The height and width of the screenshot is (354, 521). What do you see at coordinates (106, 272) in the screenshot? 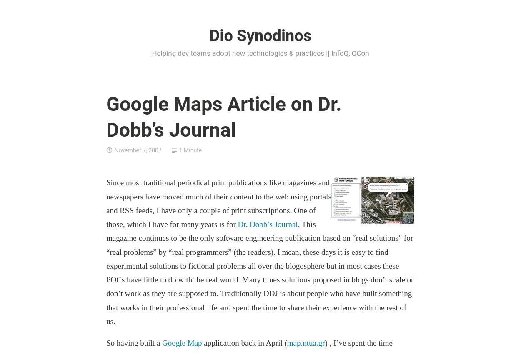
I see `'. This magazine continues to be the only software engineering publication based on “real solutions” for “real problems” by “real programmers” (the readers). I mean, these days it is easy to find experimental solutions to fictional problems all over the blogosphere but in most cases these POCs have little to do with the real world. Many times solutions proposed in blogs don’t scale or don’t work as they are supposed to. Traditionally DDJ is about people who have built something that works in their professional life and spent the time to share their experience with the rest of us.'` at bounding box center [106, 272].